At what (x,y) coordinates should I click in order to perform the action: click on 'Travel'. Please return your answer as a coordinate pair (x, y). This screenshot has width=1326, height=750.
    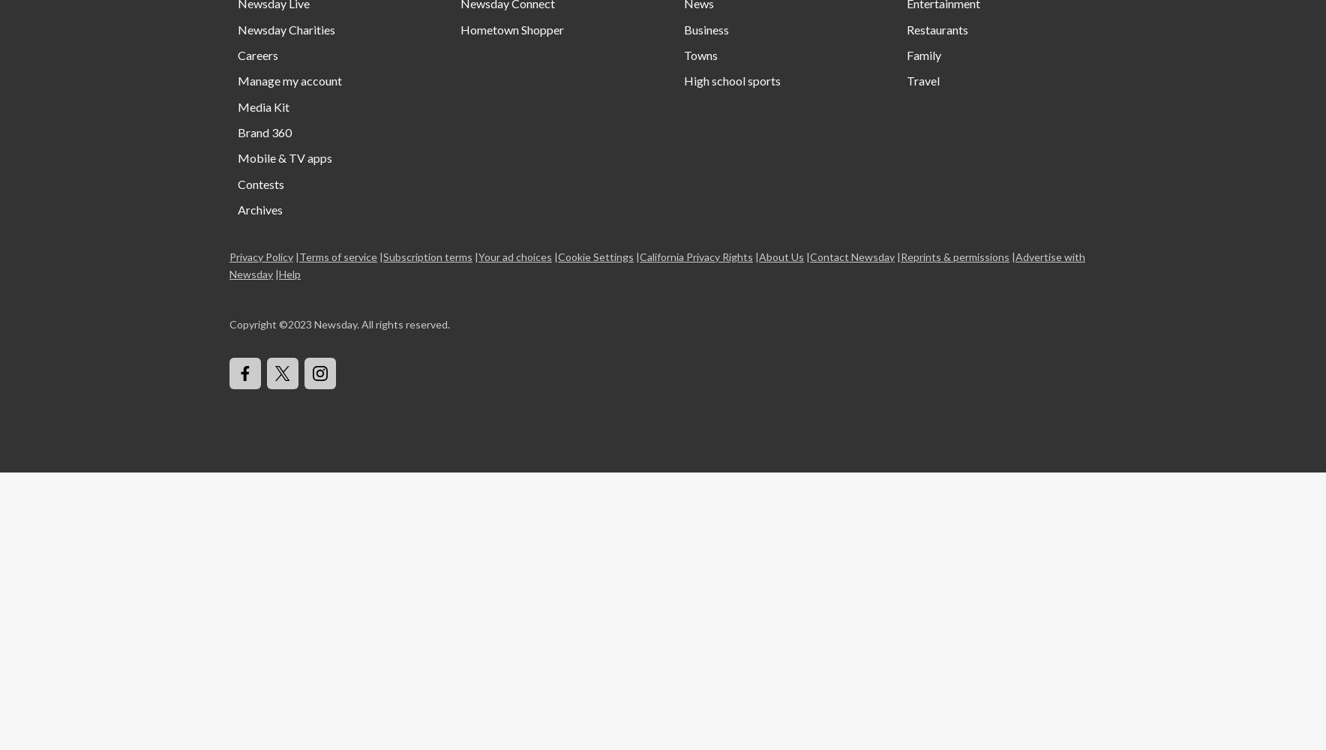
    Looking at the image, I should click on (922, 79).